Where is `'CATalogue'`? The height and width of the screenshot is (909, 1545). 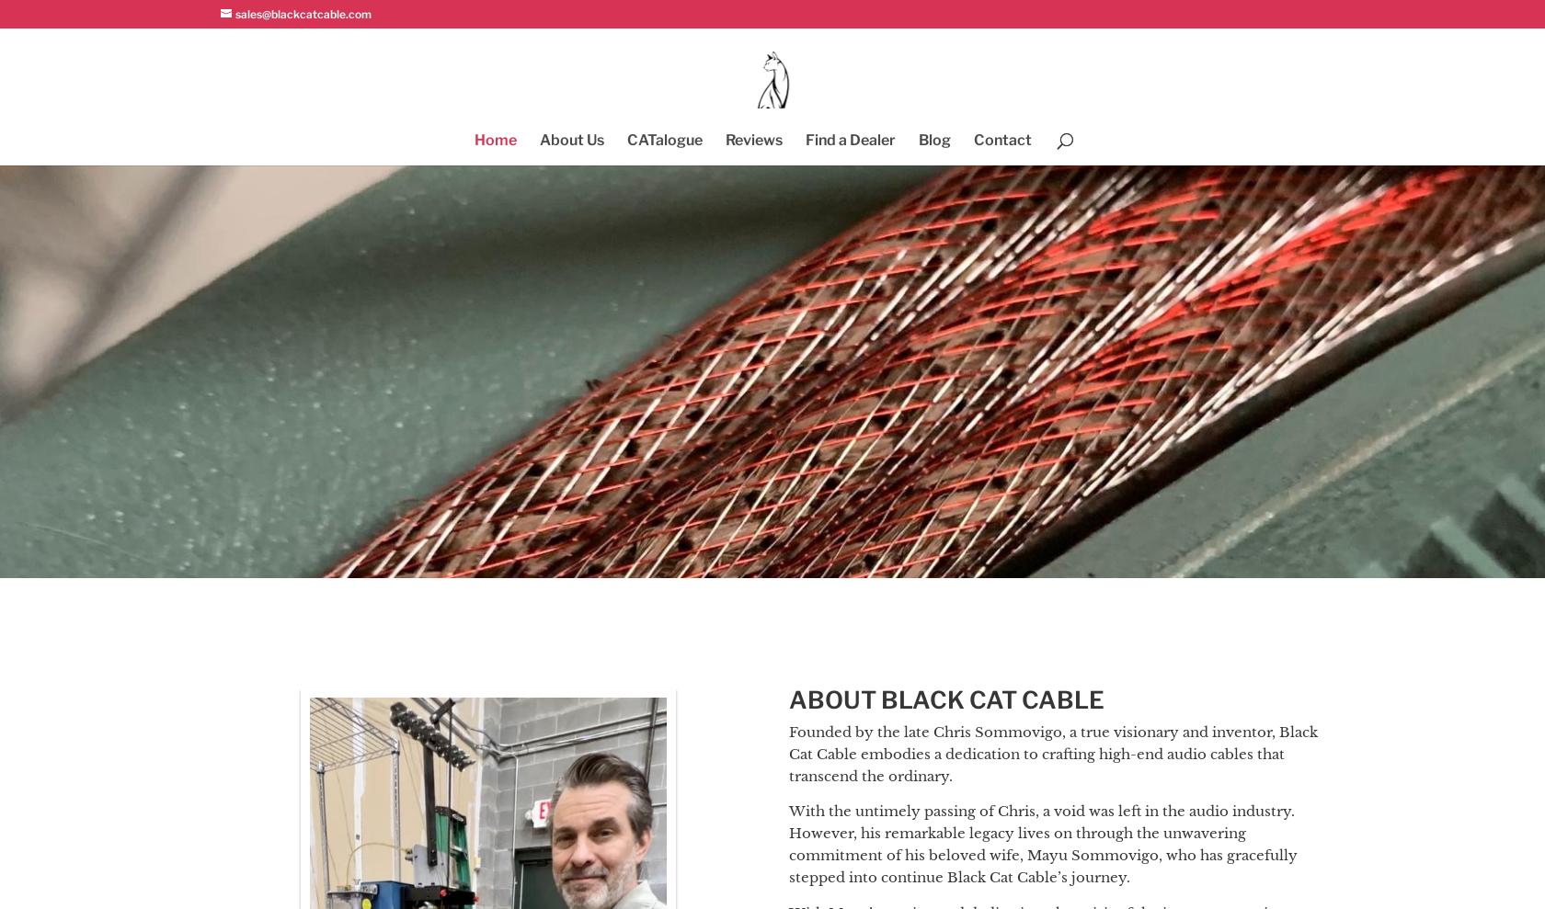 'CATalogue' is located at coordinates (664, 139).